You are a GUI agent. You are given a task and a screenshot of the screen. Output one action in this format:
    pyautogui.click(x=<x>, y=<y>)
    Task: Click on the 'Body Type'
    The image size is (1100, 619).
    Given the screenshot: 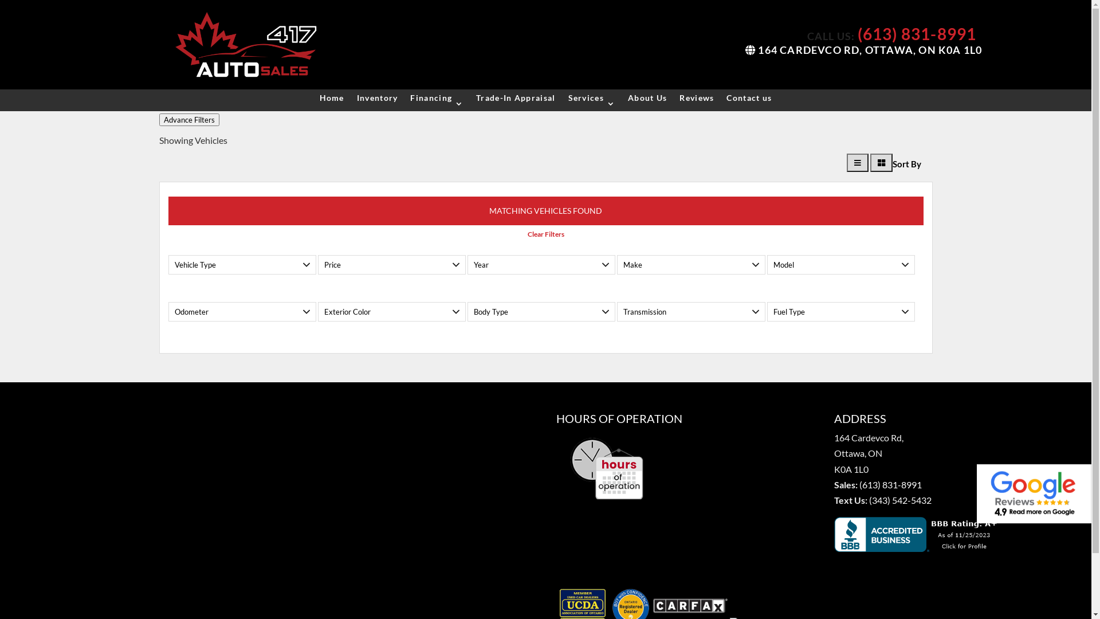 What is the action you would take?
    pyautogui.click(x=541, y=311)
    